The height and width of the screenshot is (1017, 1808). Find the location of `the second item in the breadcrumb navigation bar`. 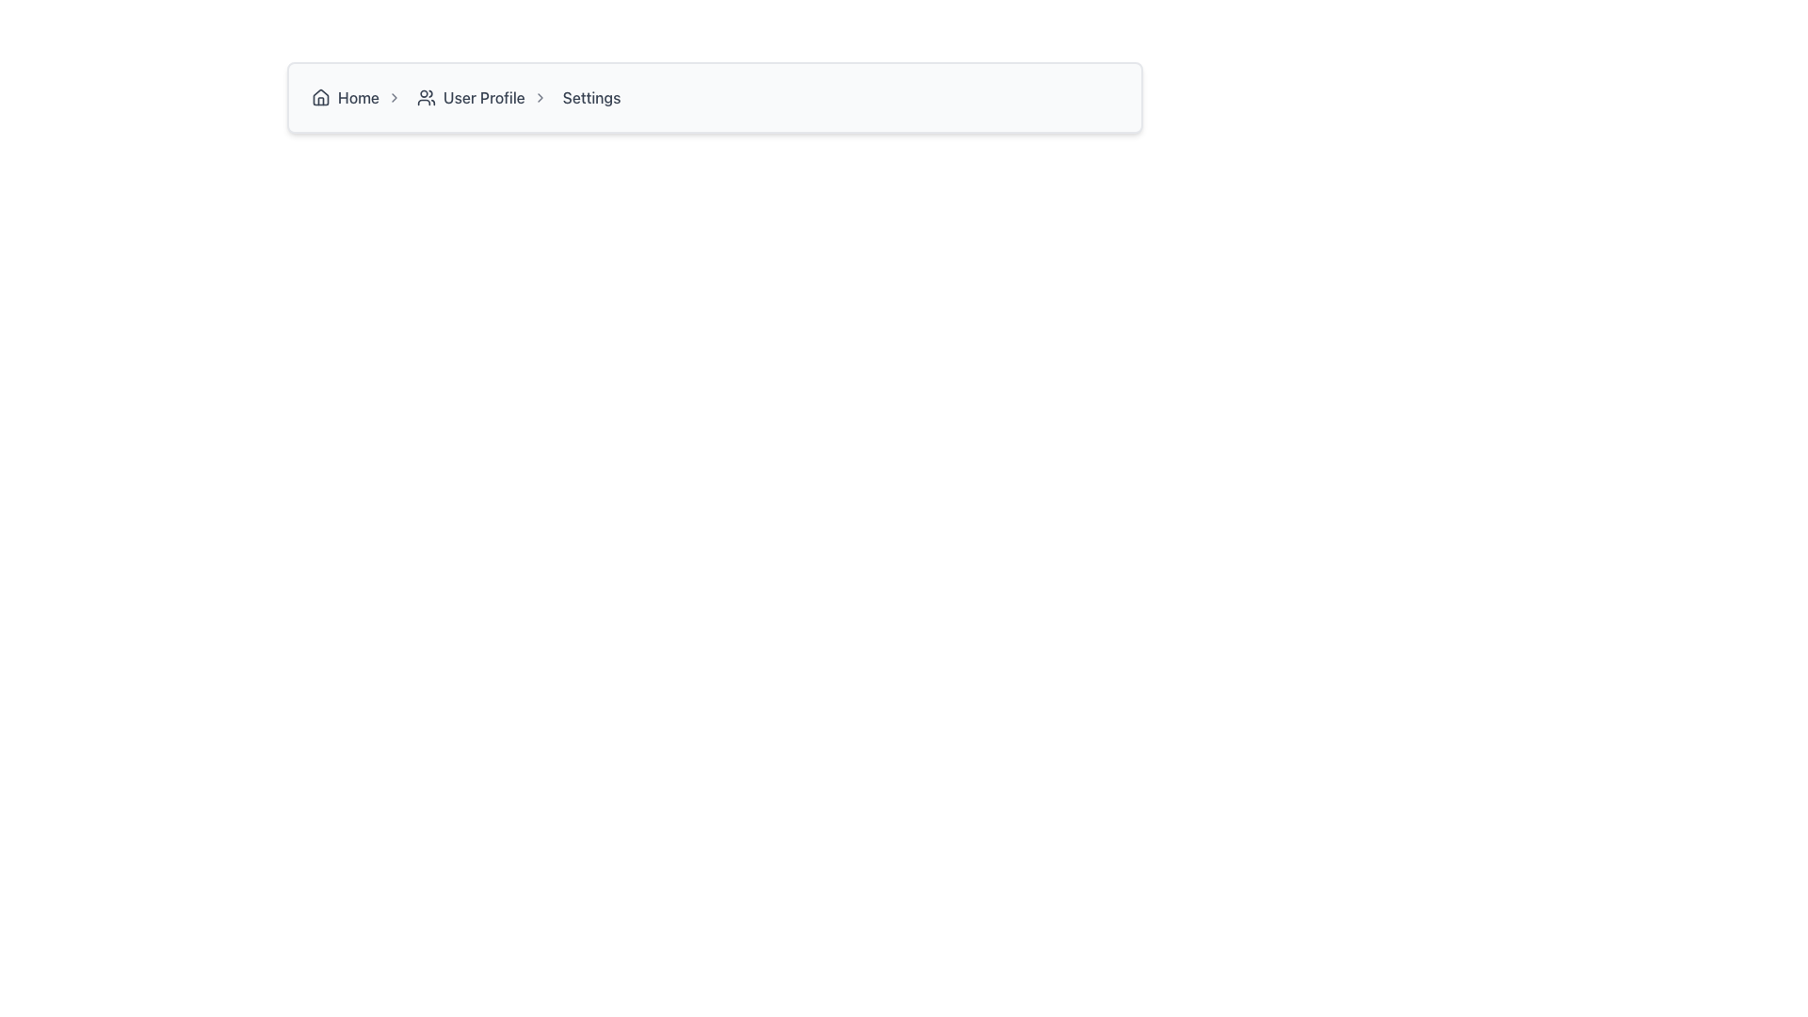

the second item in the breadcrumb navigation bar is located at coordinates (482, 98).